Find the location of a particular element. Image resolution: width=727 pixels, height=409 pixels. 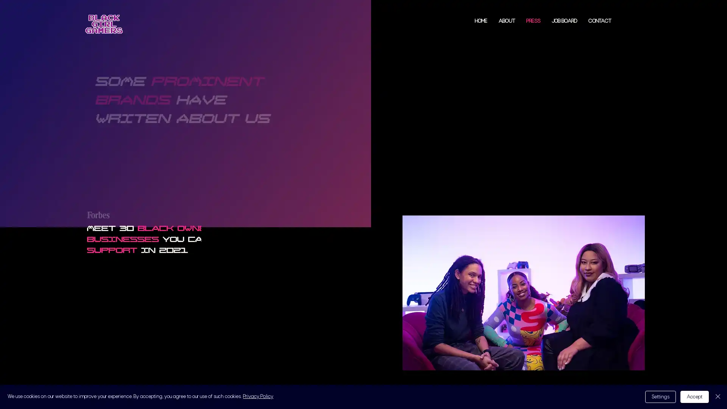

Close is located at coordinates (718, 397).